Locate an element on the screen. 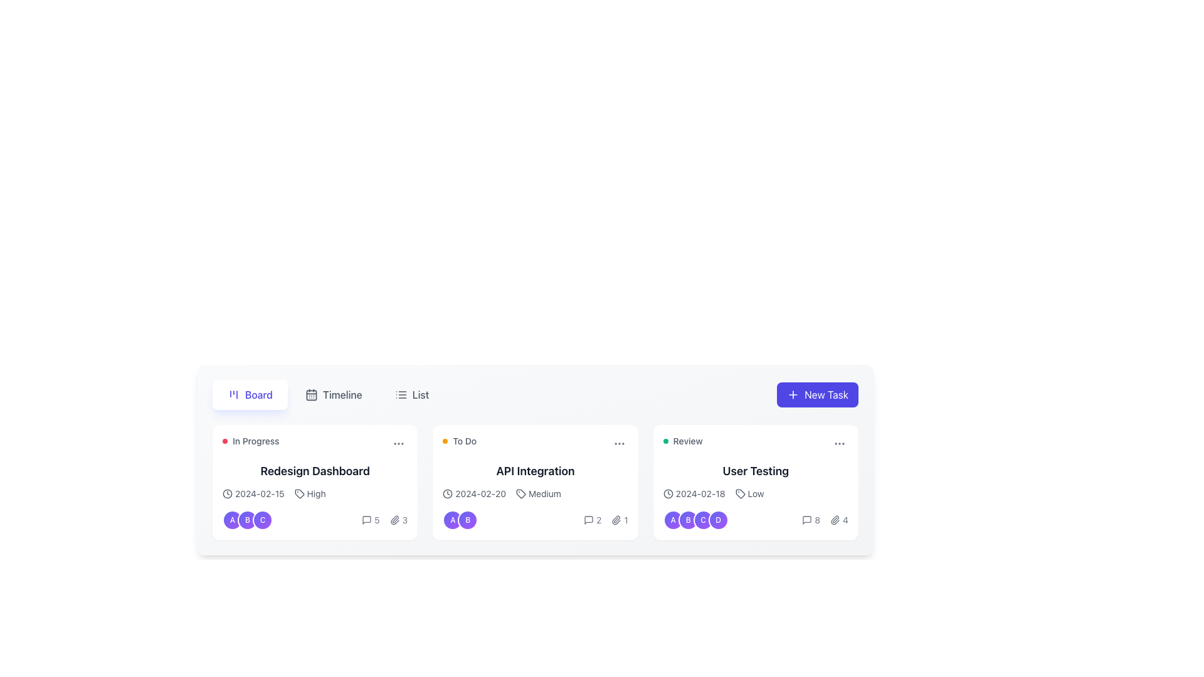 The width and height of the screenshot is (1204, 677). the text label displaying 'API Integration', which is a prominent heading in the 'To Do' card located in the center panel of the task management interface is located at coordinates (536, 471).